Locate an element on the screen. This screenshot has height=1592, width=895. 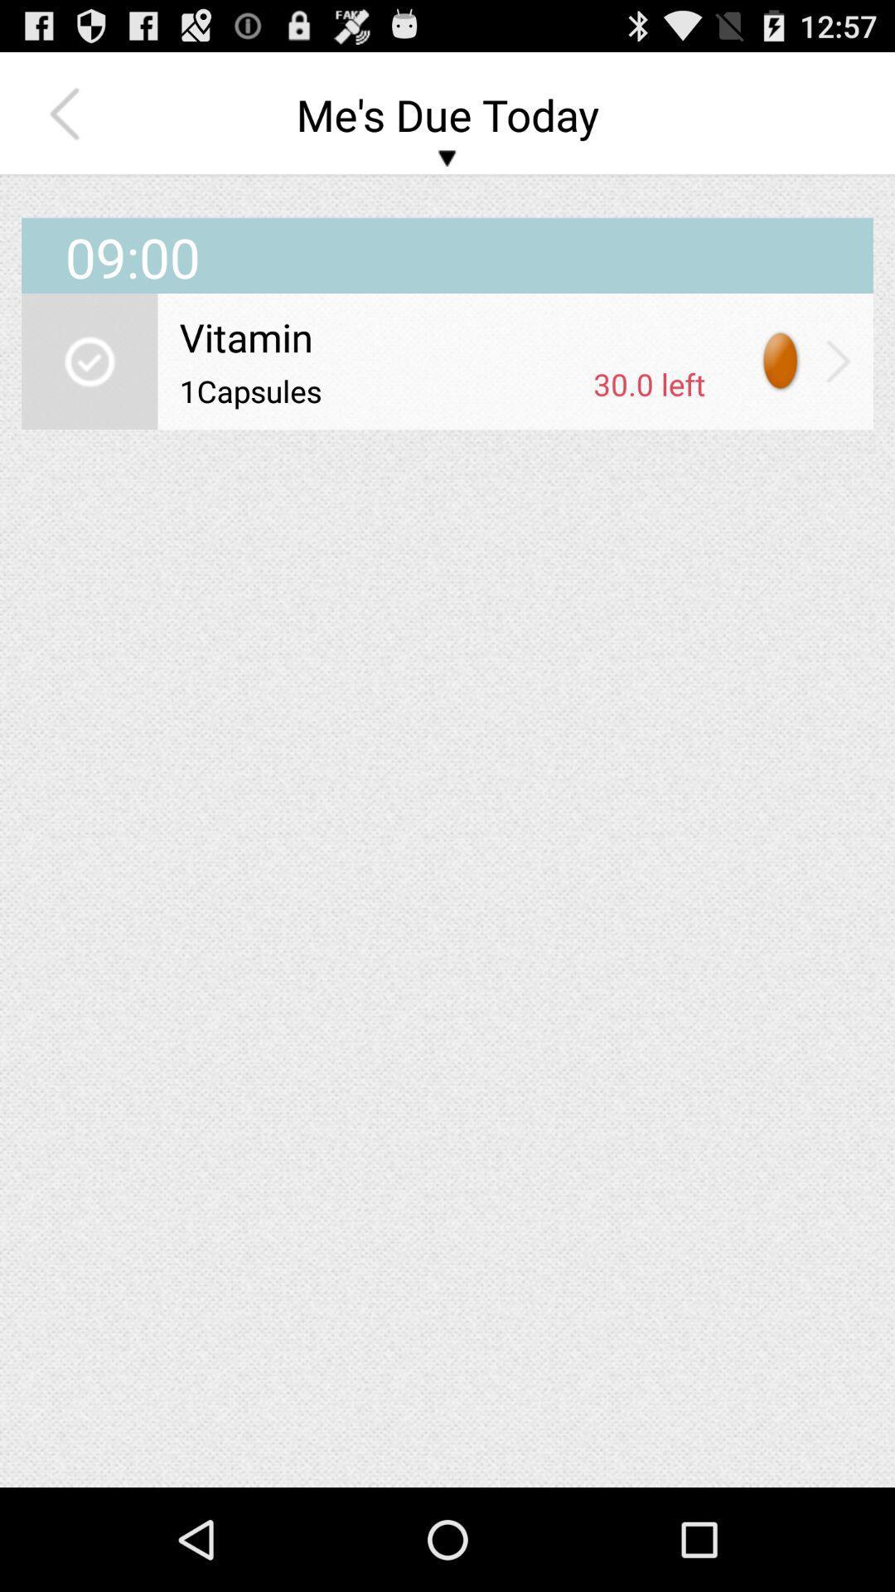
item to the right of 1capsules app is located at coordinates (648, 383).